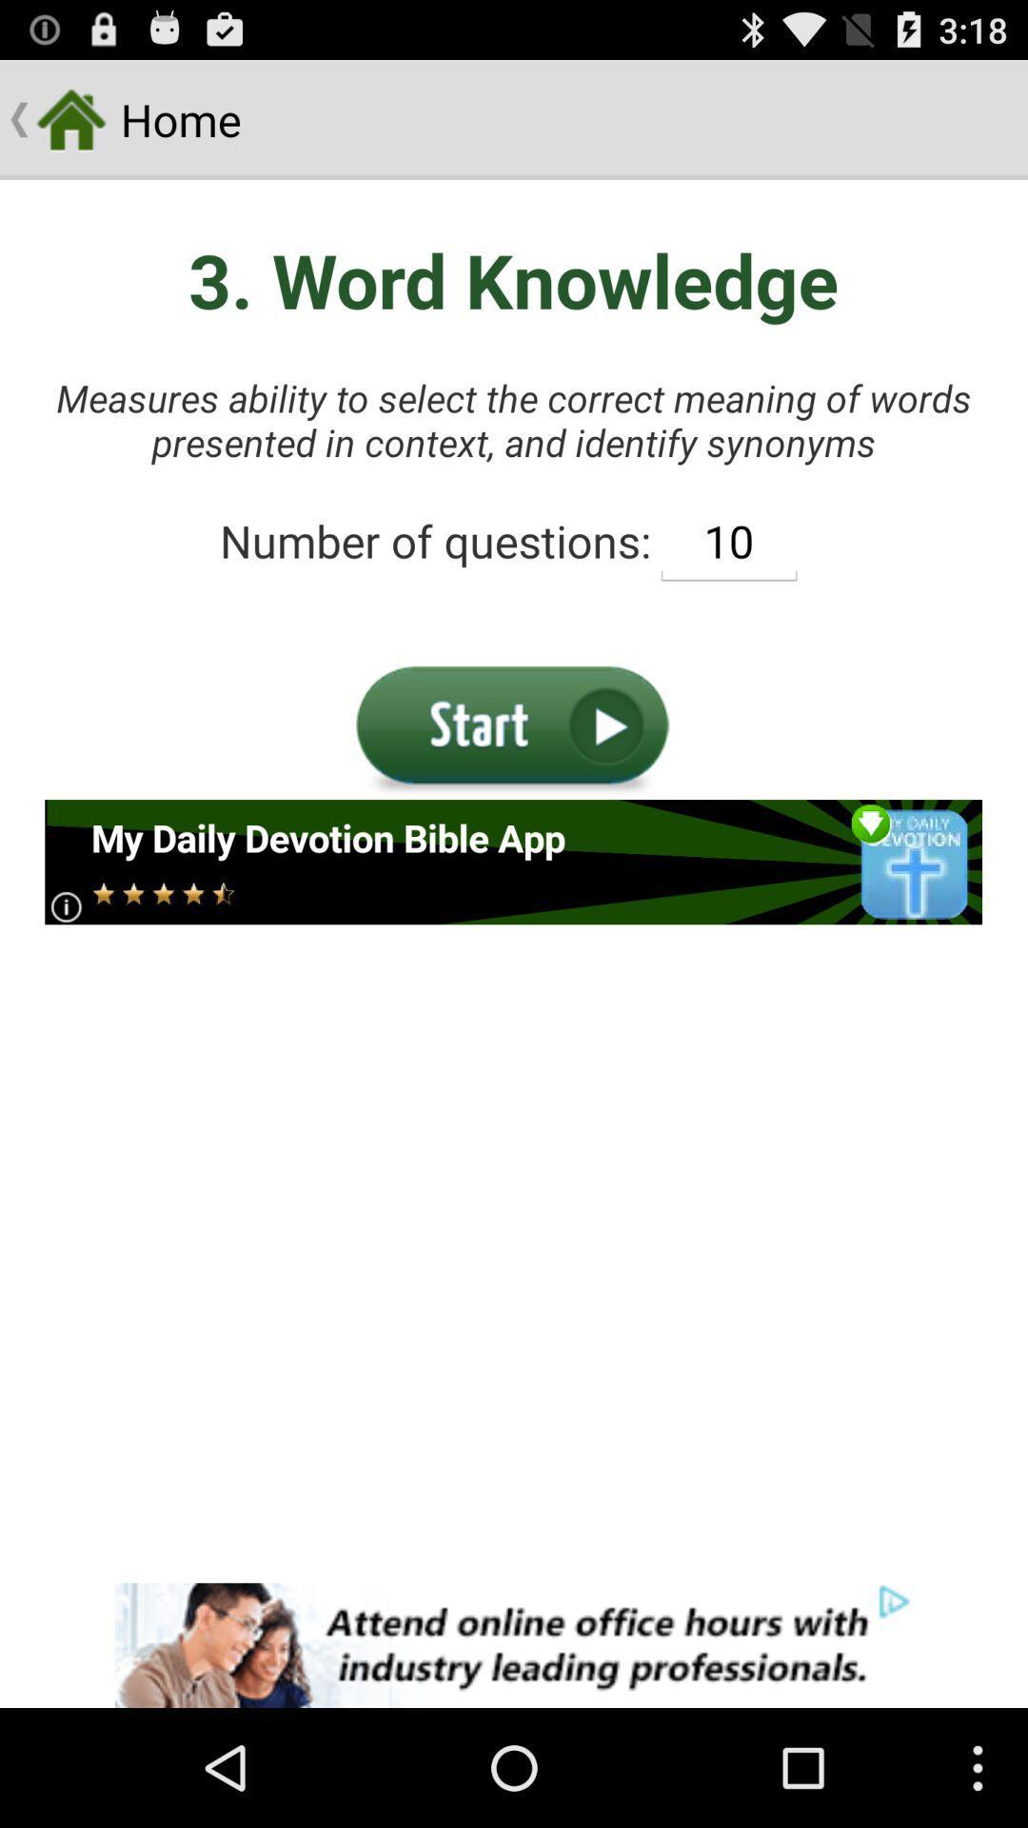  I want to click on advertising, so click(512, 861).